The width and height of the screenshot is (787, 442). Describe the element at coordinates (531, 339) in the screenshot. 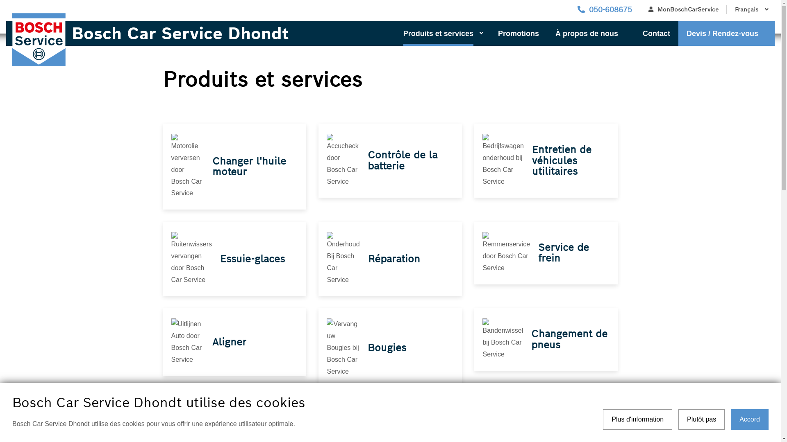

I see `'Changement de pneus'` at that location.